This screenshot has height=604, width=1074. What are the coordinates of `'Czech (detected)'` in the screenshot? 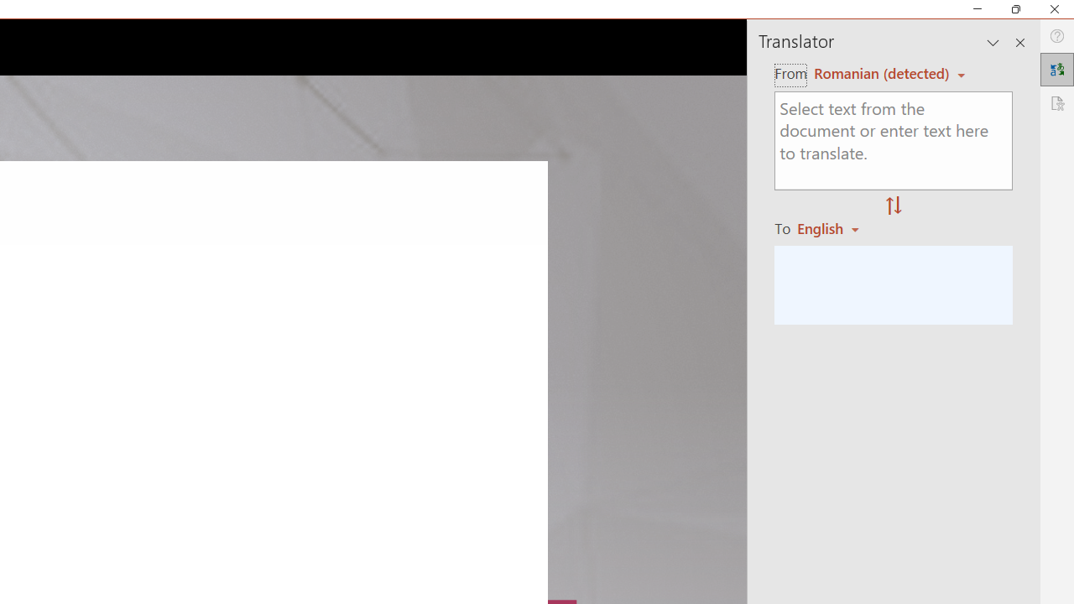 It's located at (878, 72).